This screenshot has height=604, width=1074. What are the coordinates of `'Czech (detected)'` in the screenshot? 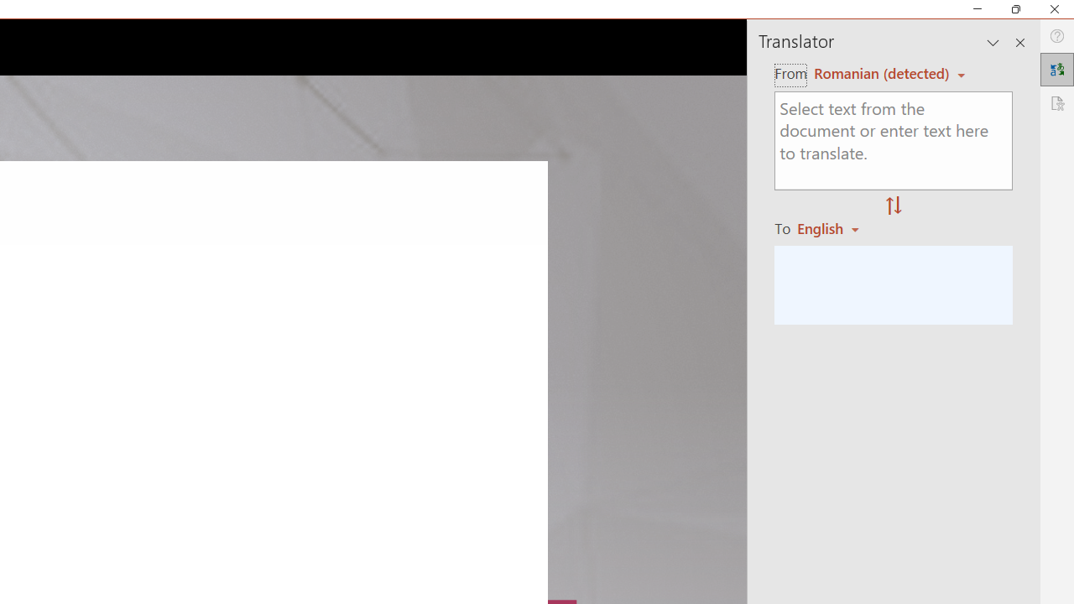 It's located at (878, 72).